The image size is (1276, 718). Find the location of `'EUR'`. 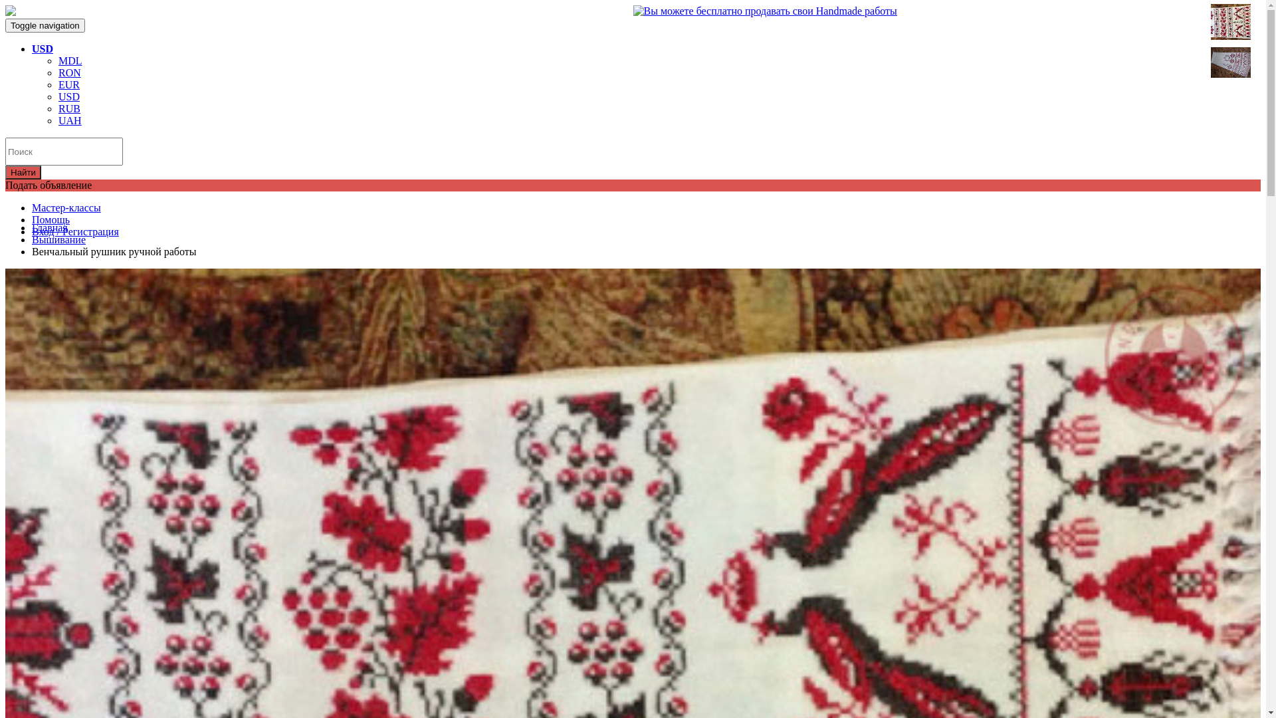

'EUR' is located at coordinates (68, 84).